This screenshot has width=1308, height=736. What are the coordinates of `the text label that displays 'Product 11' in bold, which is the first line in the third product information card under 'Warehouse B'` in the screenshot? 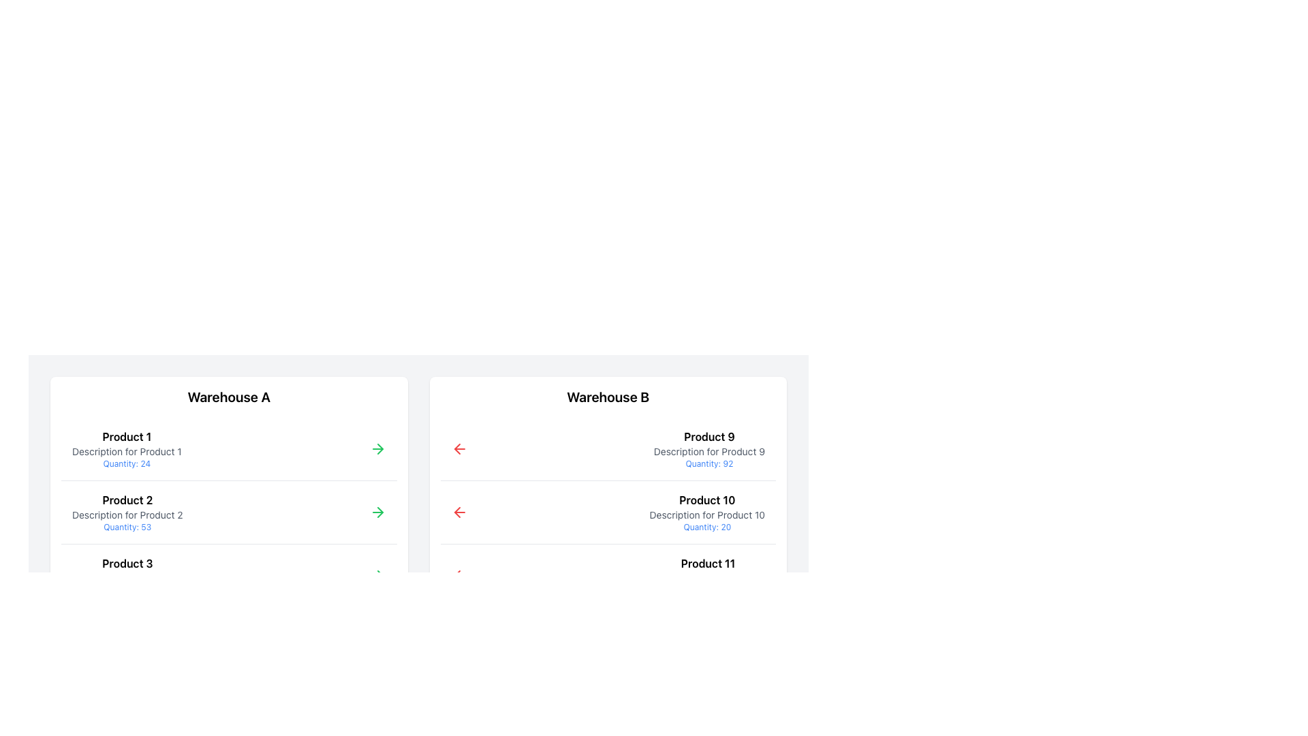 It's located at (708, 563).